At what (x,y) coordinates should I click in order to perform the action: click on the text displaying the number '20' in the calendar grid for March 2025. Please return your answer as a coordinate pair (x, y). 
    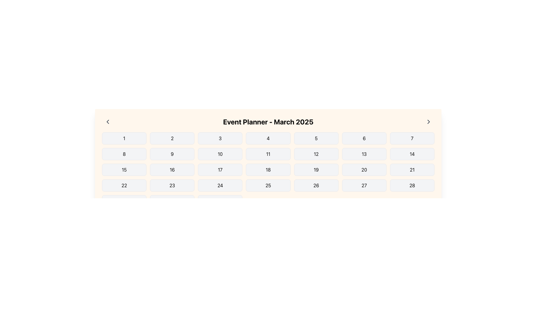
    Looking at the image, I should click on (364, 170).